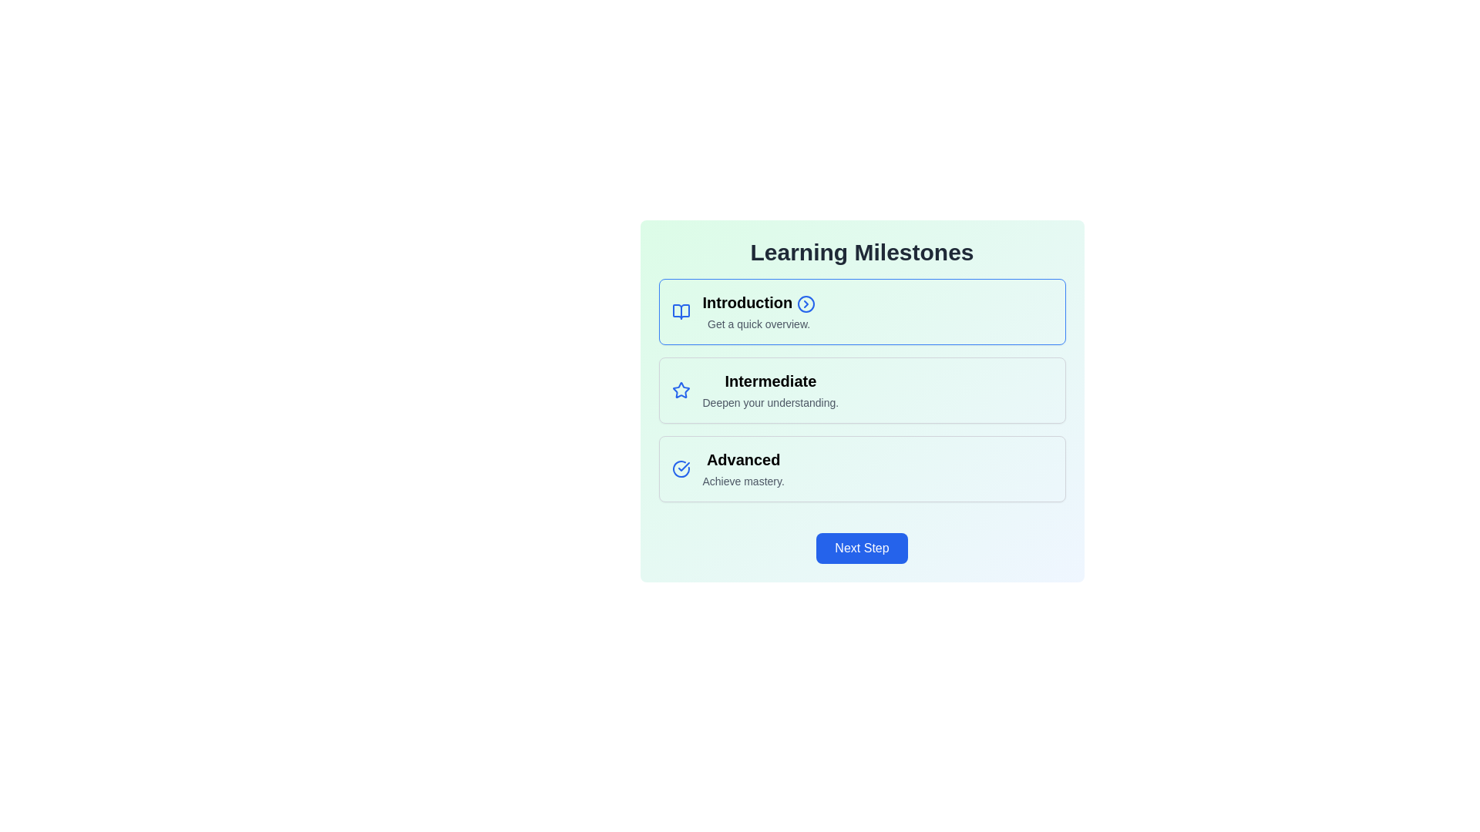  Describe the element at coordinates (805, 304) in the screenshot. I see `the navigational icon located at the rightmost position within the 'Introduction' card` at that location.